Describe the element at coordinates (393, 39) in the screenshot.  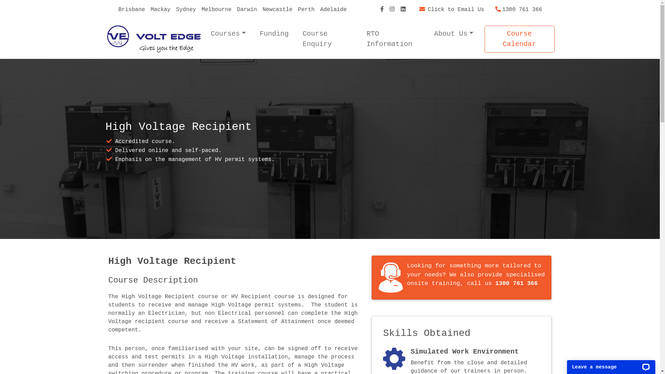
I see `'RTO Information'` at that location.